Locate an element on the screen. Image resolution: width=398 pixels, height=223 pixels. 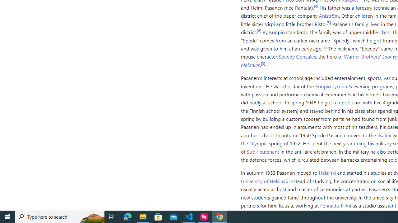
'Warner Brothers' is located at coordinates (362, 56).